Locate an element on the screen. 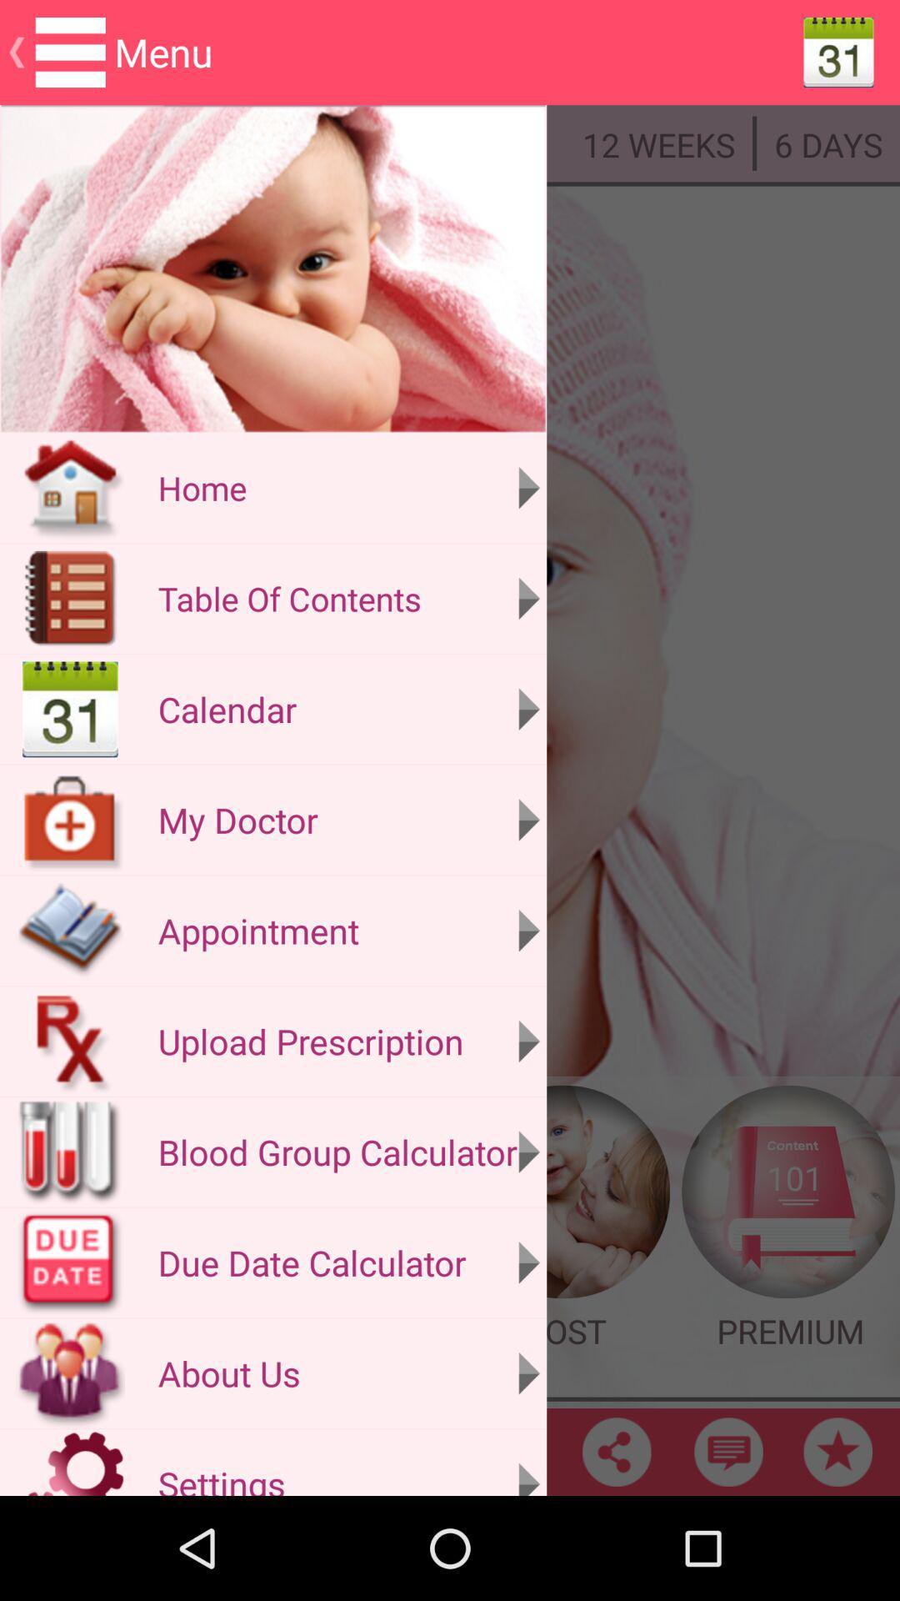 This screenshot has height=1601, width=900. the chat icon is located at coordinates (727, 1553).